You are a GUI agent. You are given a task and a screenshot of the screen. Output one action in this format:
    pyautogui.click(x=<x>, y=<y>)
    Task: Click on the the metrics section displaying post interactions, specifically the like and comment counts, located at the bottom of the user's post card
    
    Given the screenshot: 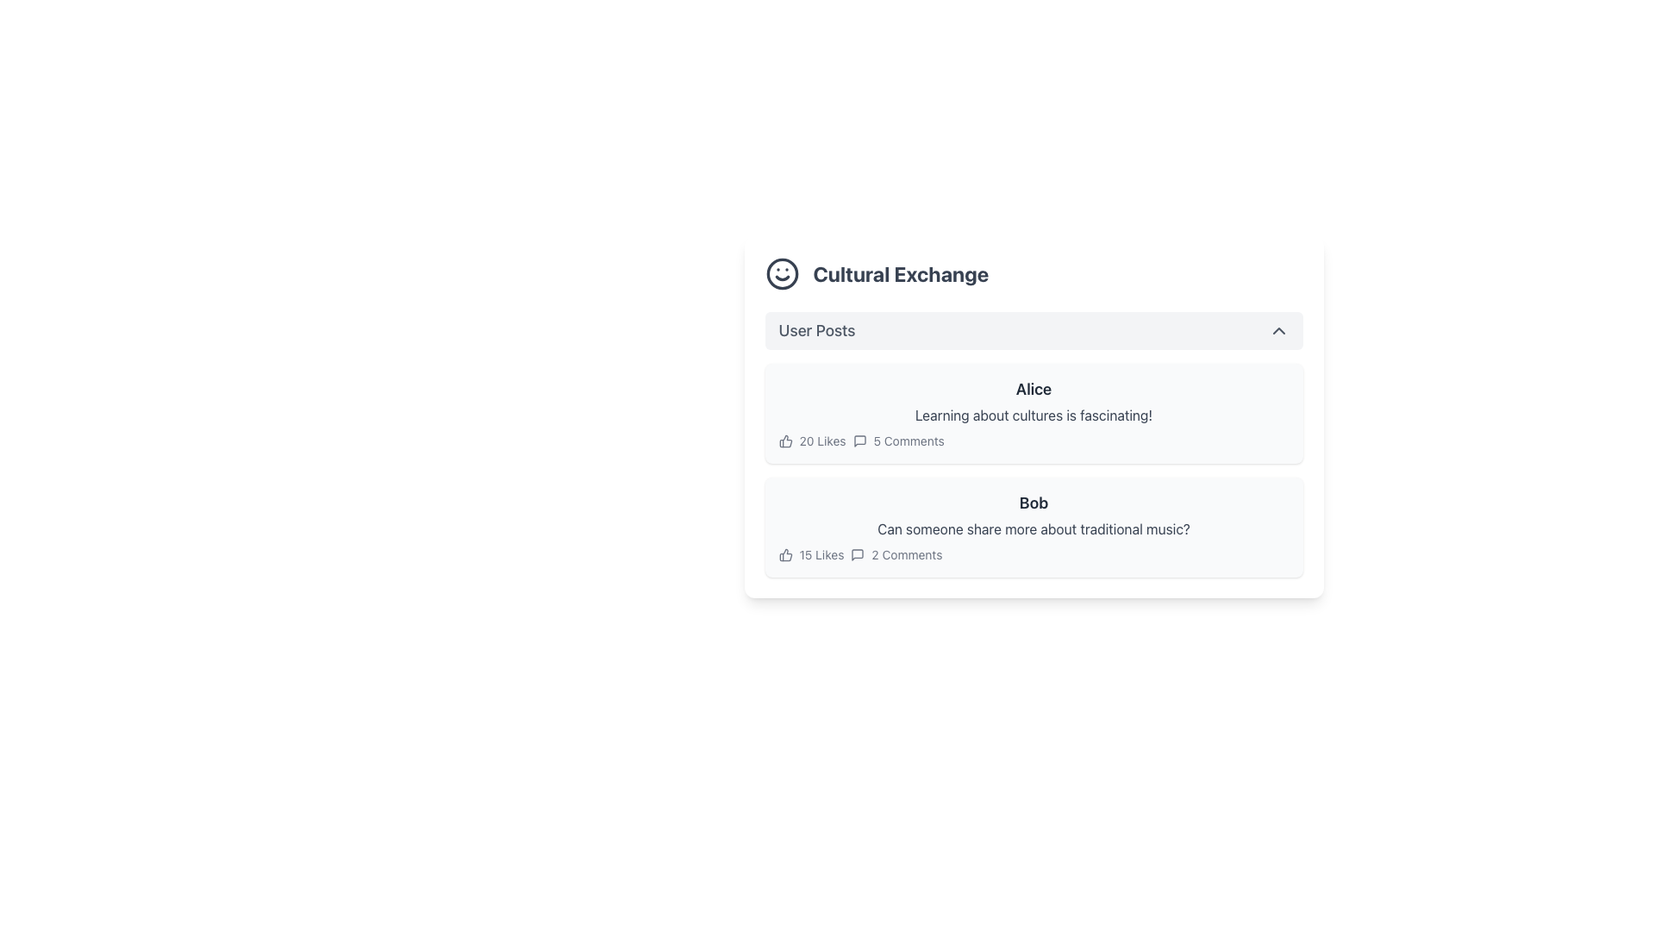 What is the action you would take?
    pyautogui.click(x=1034, y=555)
    